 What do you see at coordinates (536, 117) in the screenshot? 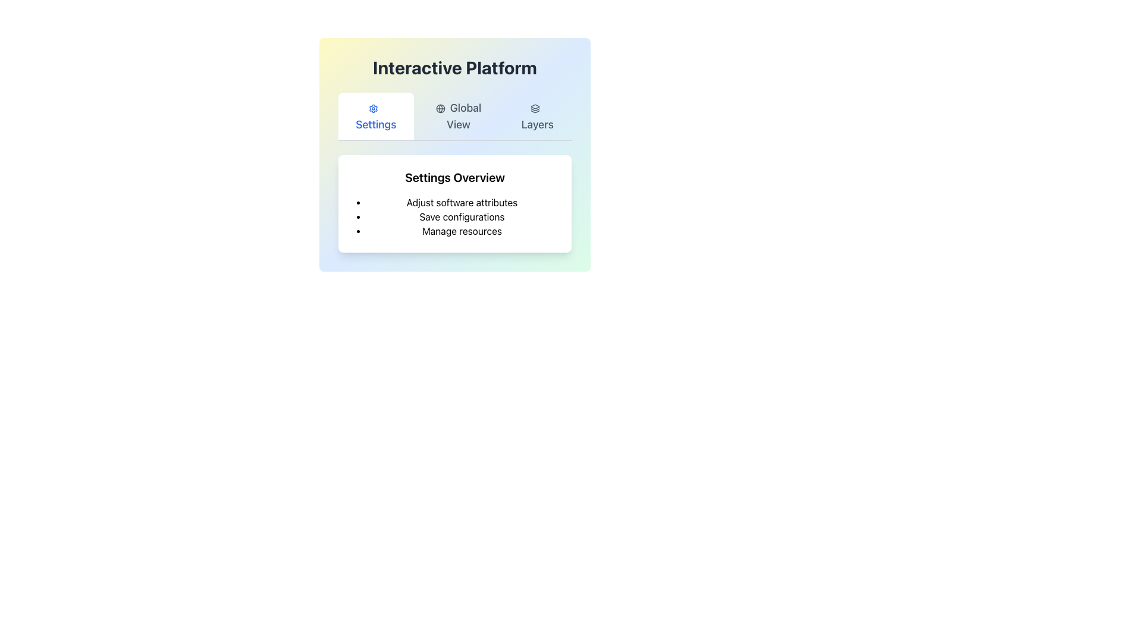
I see `the 'Layers' button, which is a horizontally rectangular button displaying the text 'Layers' with an icon of stacked shapes above it` at bounding box center [536, 117].